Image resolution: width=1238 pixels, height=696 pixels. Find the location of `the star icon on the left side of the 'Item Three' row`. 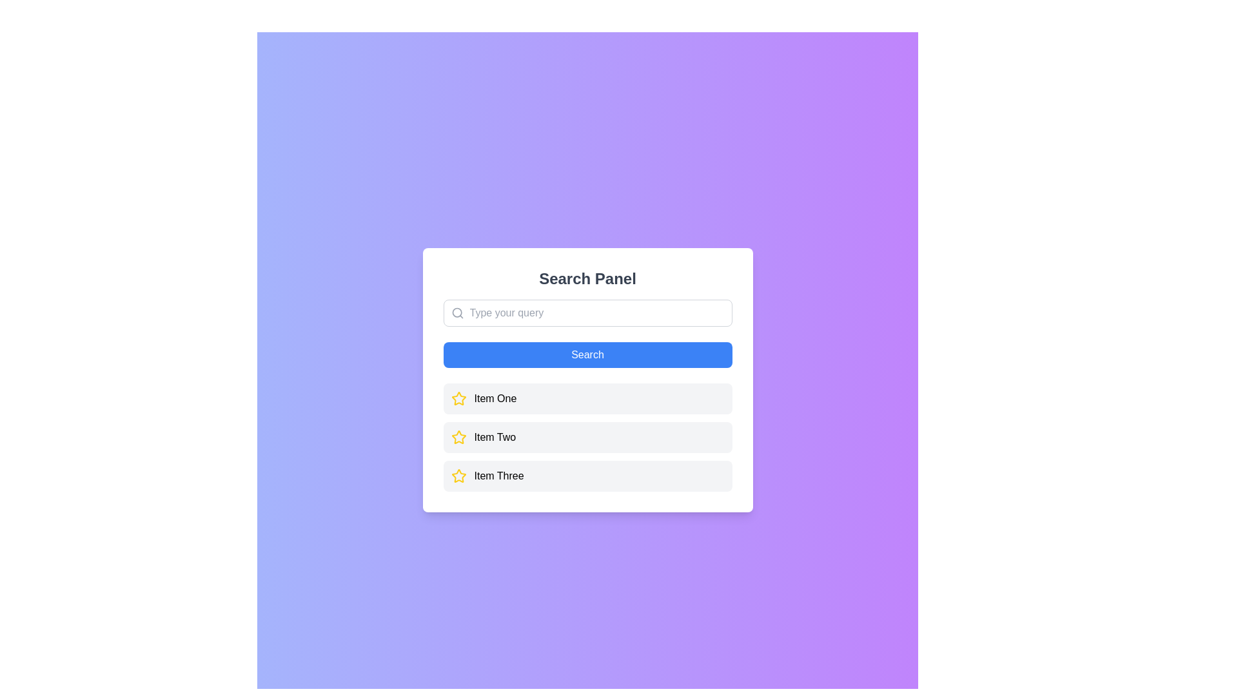

the star icon on the left side of the 'Item Three' row is located at coordinates (458, 476).